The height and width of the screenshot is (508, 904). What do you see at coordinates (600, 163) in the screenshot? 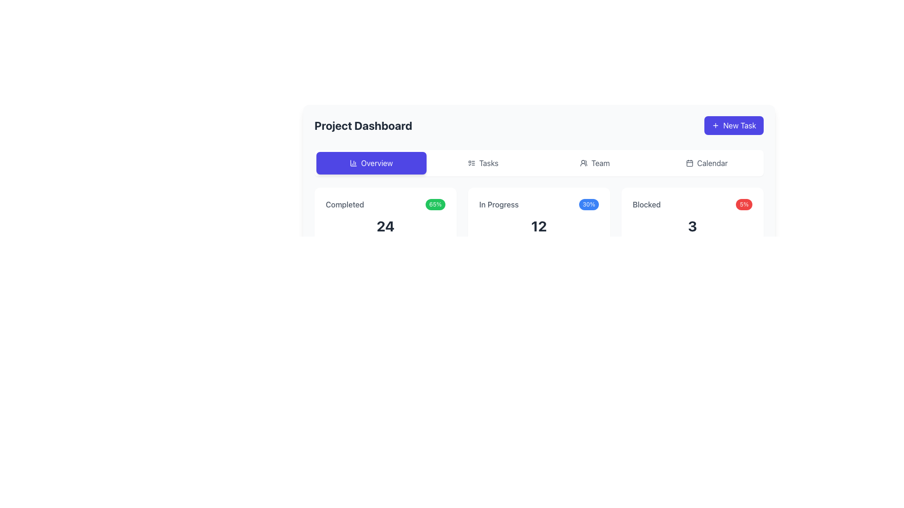
I see `the 'Team' text label in the navigation menu` at bounding box center [600, 163].